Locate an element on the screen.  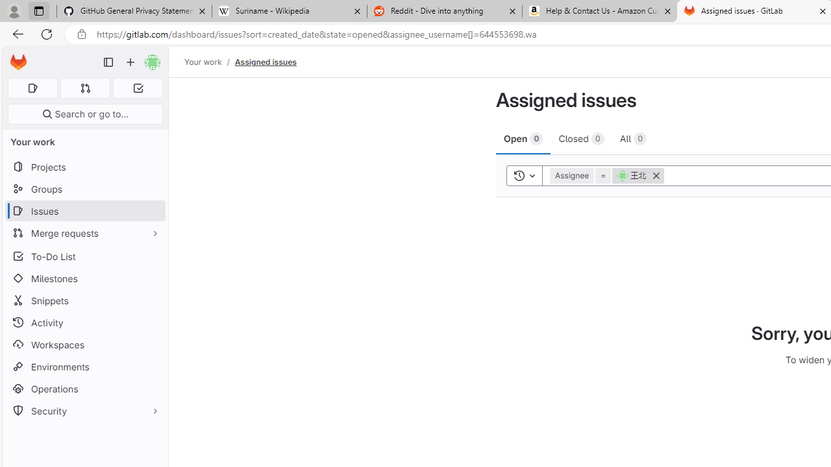
'All 0' is located at coordinates (633, 138).